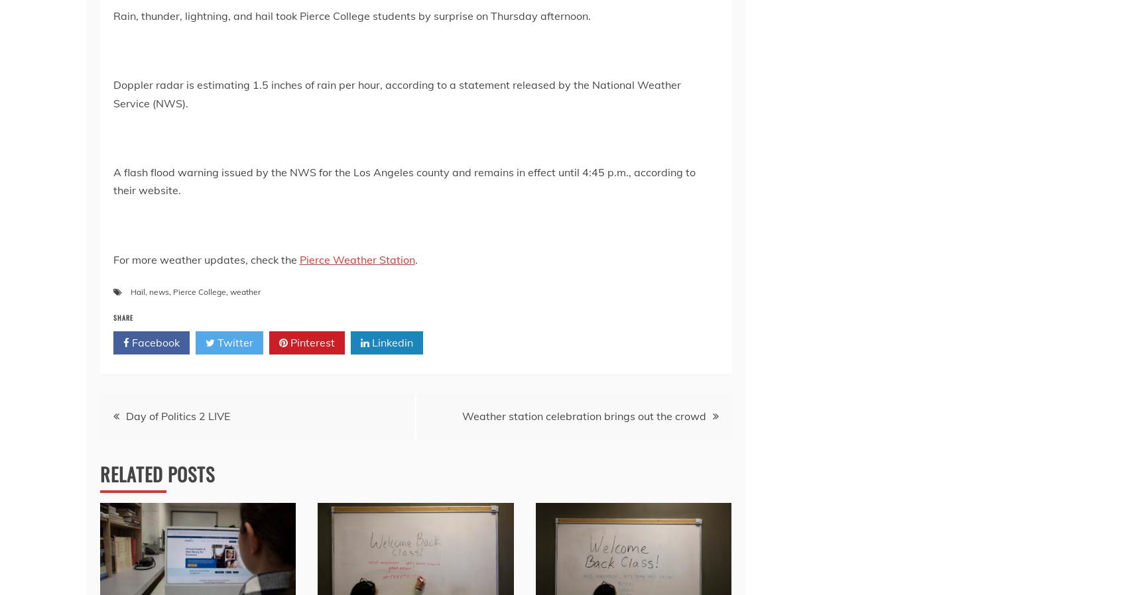  Describe the element at coordinates (156, 474) in the screenshot. I see `'Related Posts'` at that location.